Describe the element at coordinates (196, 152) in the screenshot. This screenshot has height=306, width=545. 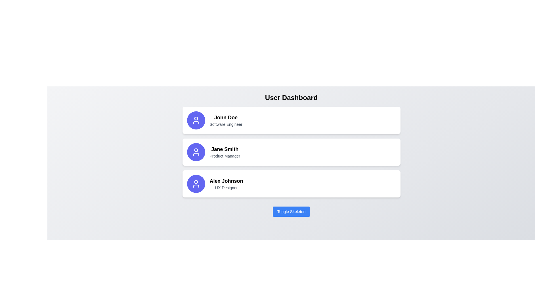
I see `user avatar image representing 'Jane Smith' located at the left end of the middle card among three vertically aligned cards` at that location.